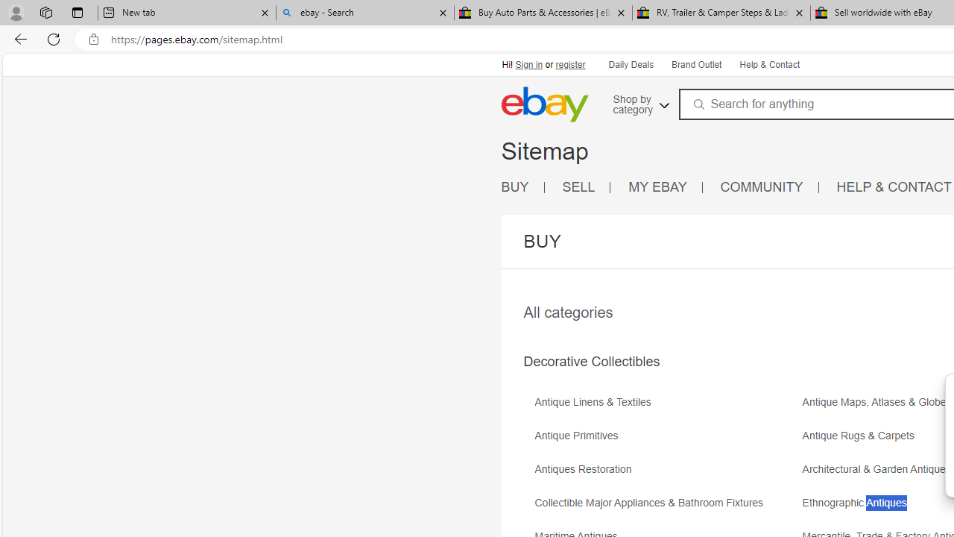 Image resolution: width=954 pixels, height=537 pixels. What do you see at coordinates (768, 63) in the screenshot?
I see `'Help & Contact'` at bounding box center [768, 63].